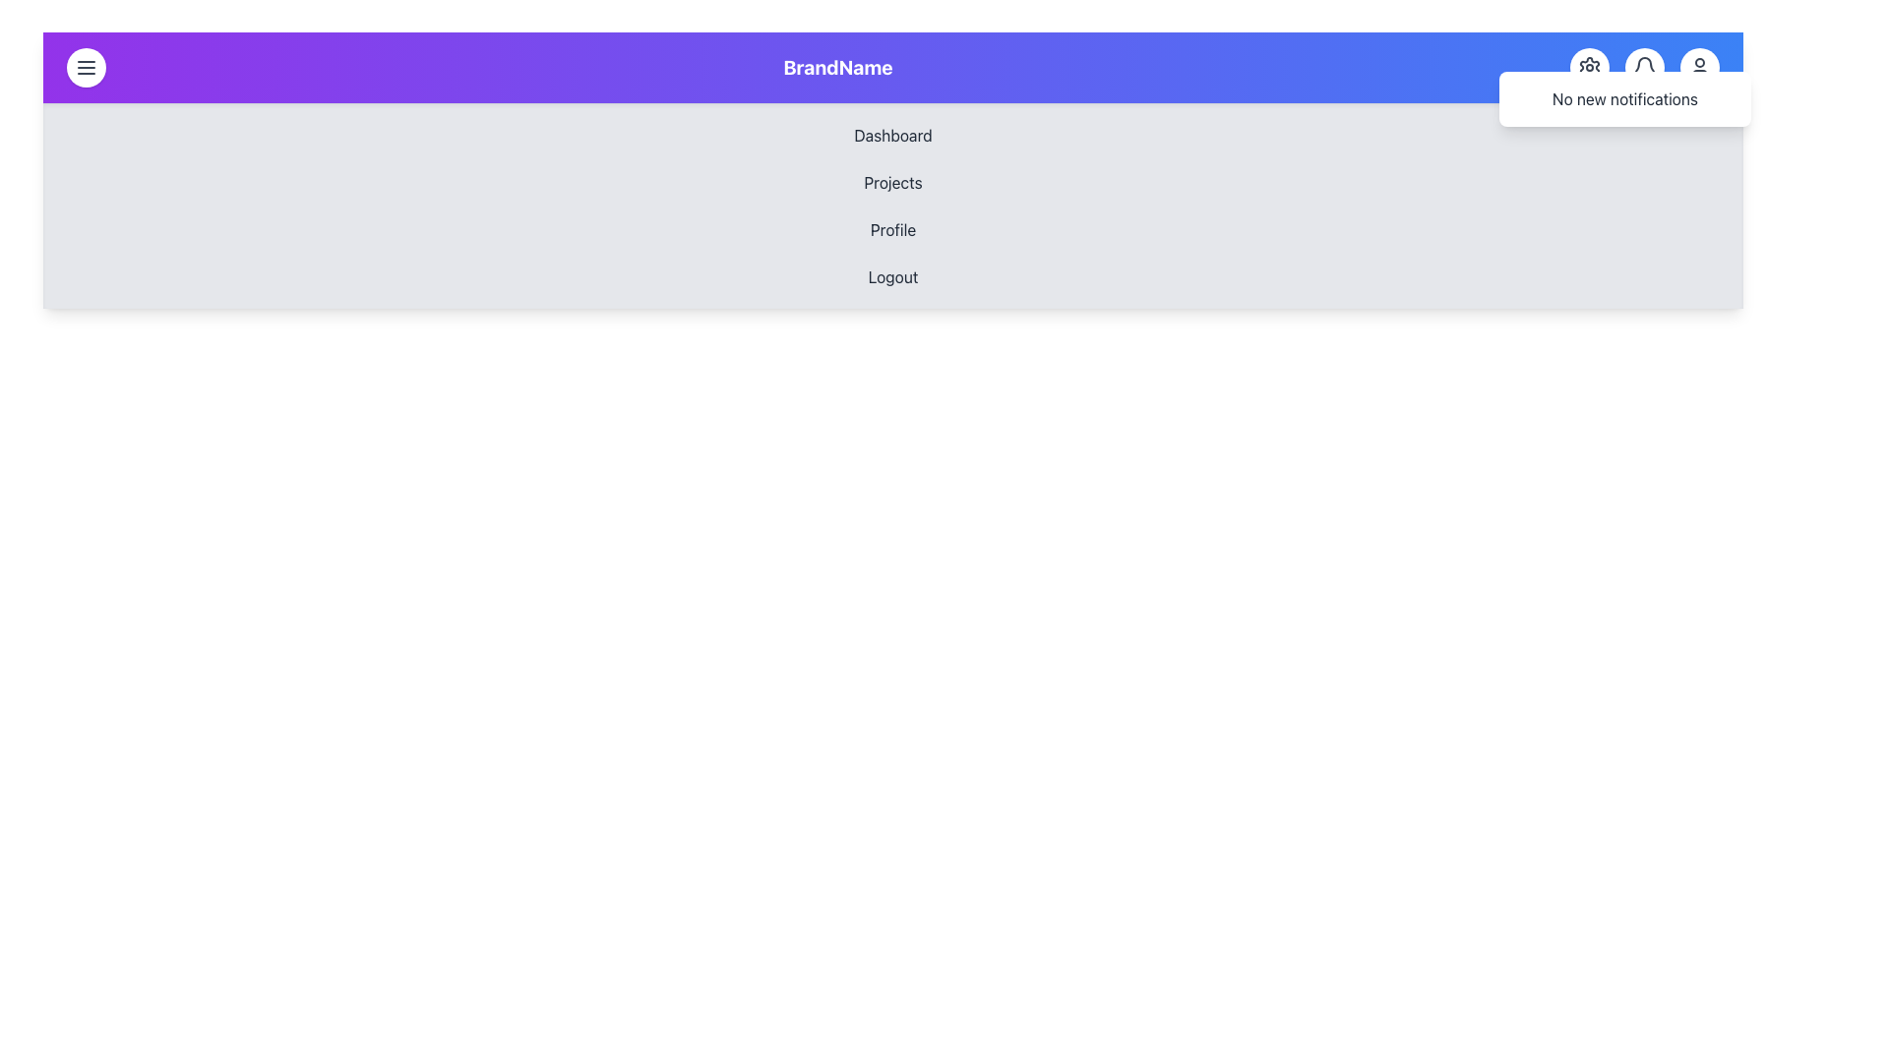  Describe the element at coordinates (891, 229) in the screenshot. I see `the 'Profile' button-like menu item, which is the third item in a vertical list` at that location.